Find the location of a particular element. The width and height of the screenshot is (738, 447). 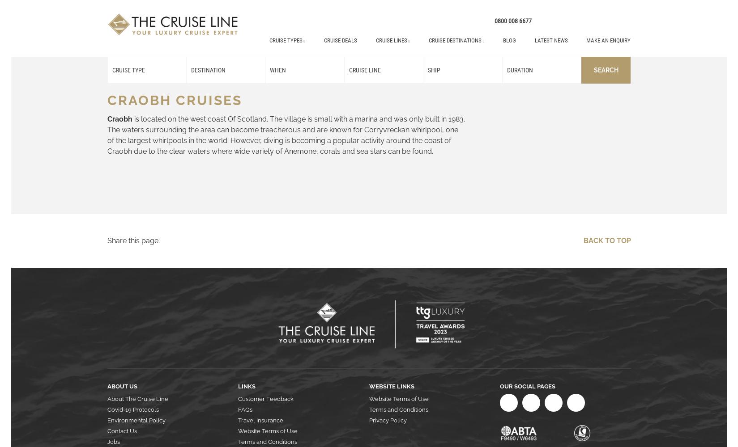

'About Us' is located at coordinates (122, 386).